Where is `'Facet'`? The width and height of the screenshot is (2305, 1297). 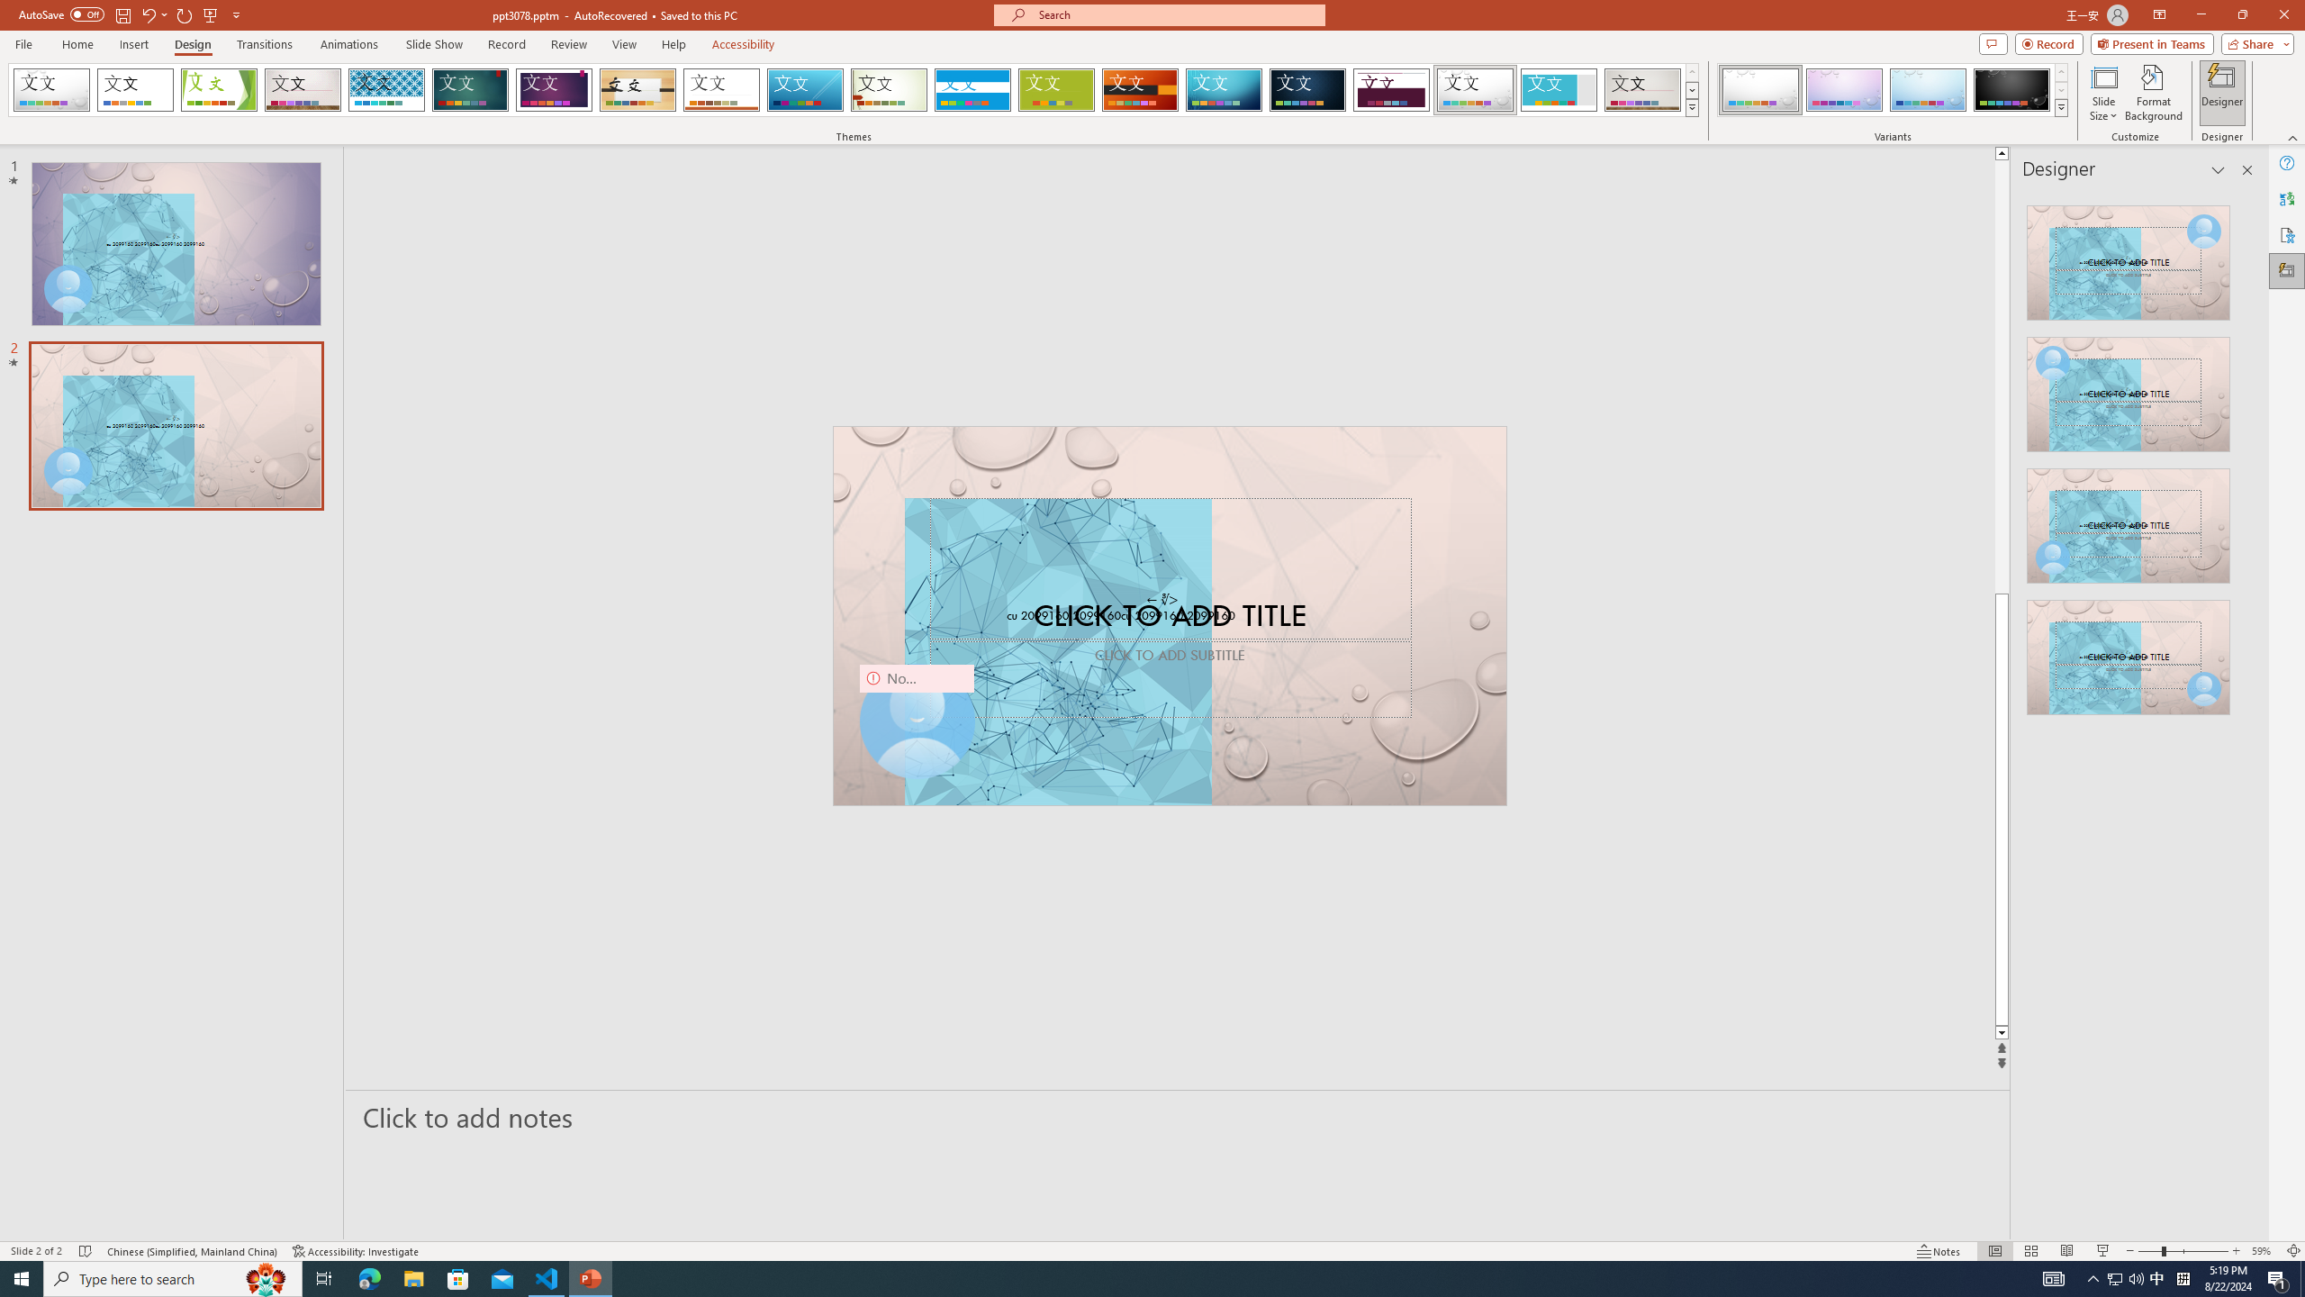
'Facet' is located at coordinates (218, 89).